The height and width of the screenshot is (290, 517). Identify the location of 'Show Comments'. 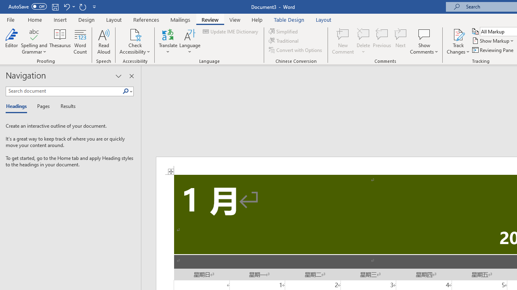
(424, 34).